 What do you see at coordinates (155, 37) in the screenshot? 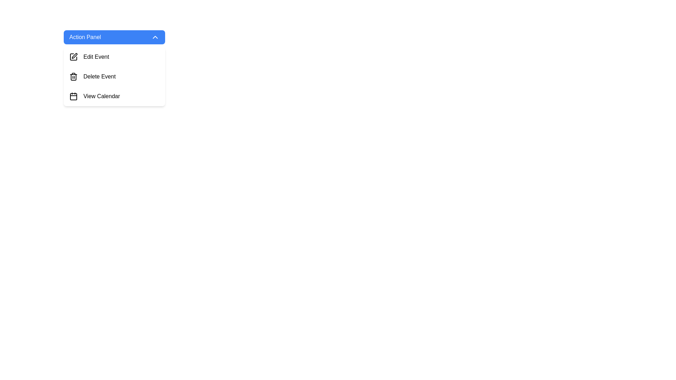
I see `the Chevron-Up icon located at the far right side of the 'Action Panel' button` at bounding box center [155, 37].